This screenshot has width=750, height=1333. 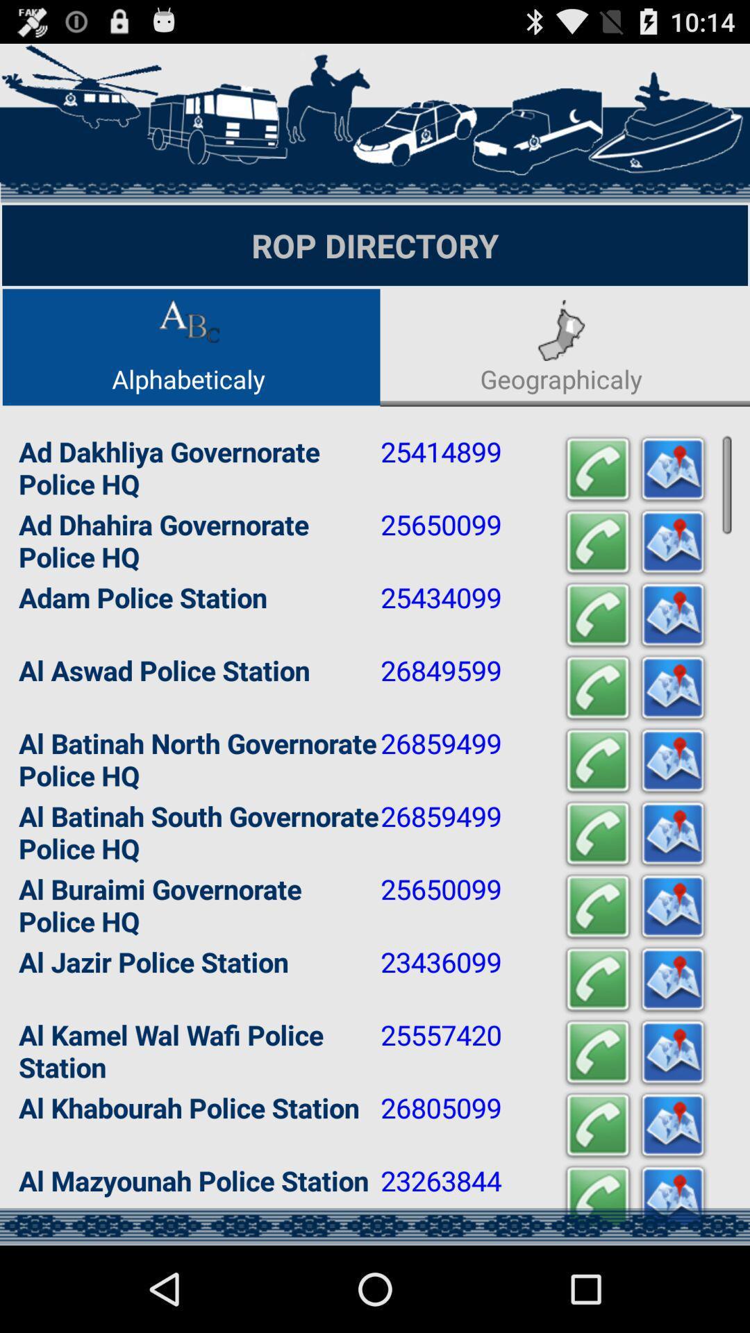 I want to click on share the article, so click(x=672, y=907).